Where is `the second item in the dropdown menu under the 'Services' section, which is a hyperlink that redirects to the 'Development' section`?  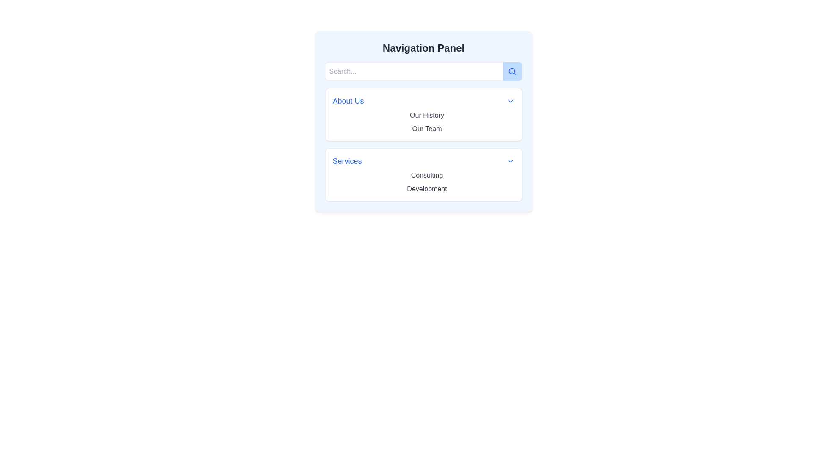 the second item in the dropdown menu under the 'Services' section, which is a hyperlink that redirects to the 'Development' section is located at coordinates (427, 189).